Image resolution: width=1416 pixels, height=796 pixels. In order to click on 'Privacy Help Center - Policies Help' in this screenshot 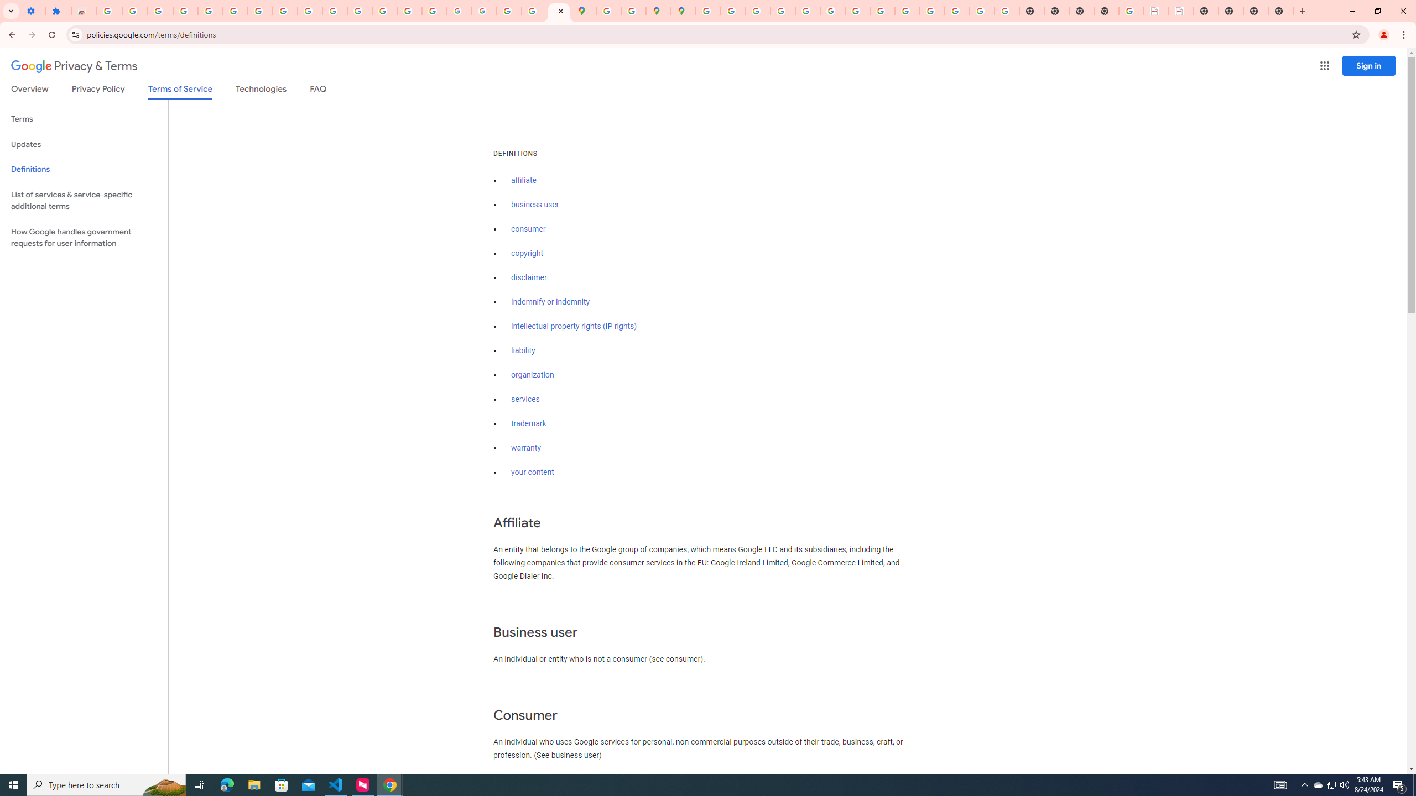, I will do `click(782, 11)`.